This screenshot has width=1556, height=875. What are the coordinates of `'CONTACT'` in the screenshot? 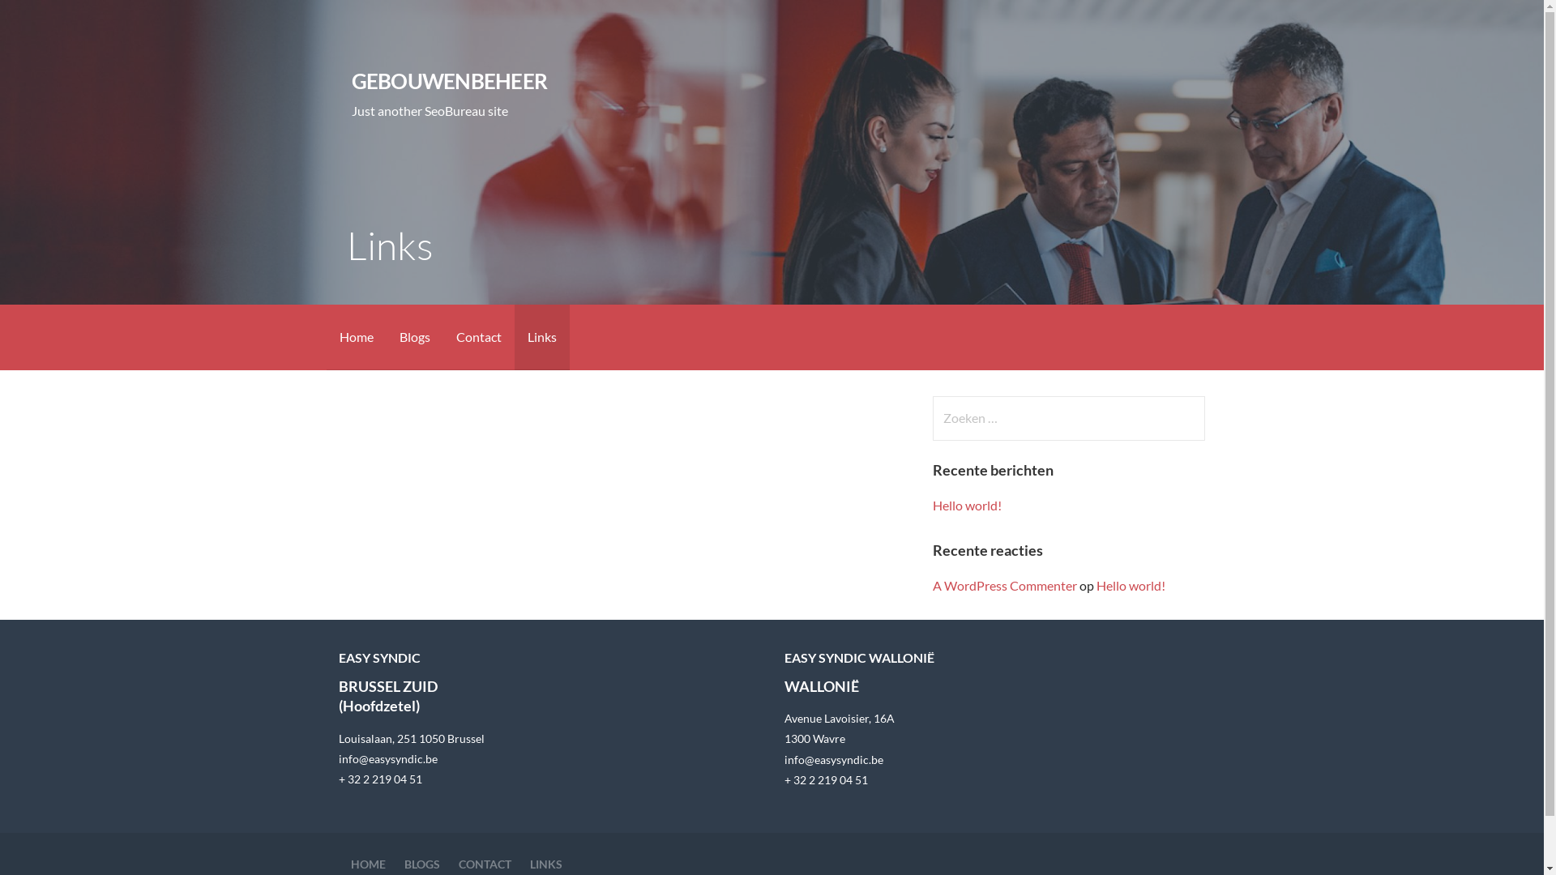 It's located at (484, 863).